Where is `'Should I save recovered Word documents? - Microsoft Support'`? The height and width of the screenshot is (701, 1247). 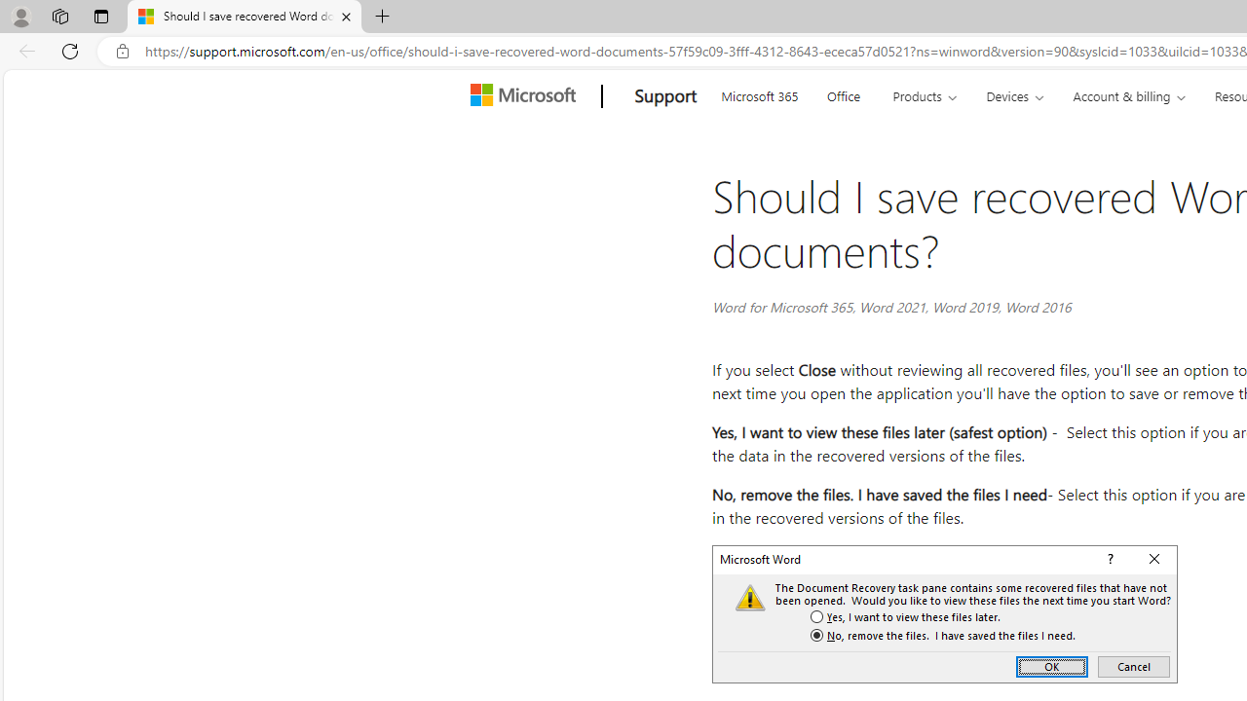 'Should I save recovered Word documents? - Microsoft Support' is located at coordinates (243, 17).